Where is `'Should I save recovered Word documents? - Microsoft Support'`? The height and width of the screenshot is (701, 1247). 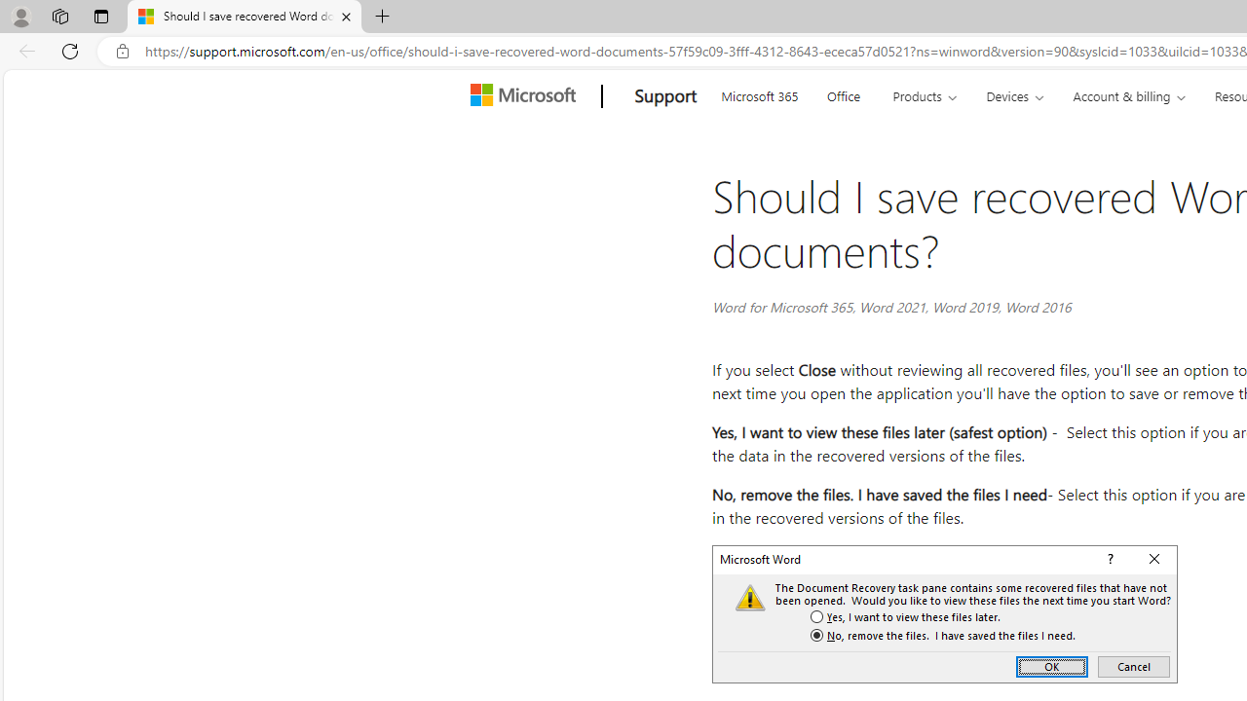 'Should I save recovered Word documents? - Microsoft Support' is located at coordinates (243, 17).